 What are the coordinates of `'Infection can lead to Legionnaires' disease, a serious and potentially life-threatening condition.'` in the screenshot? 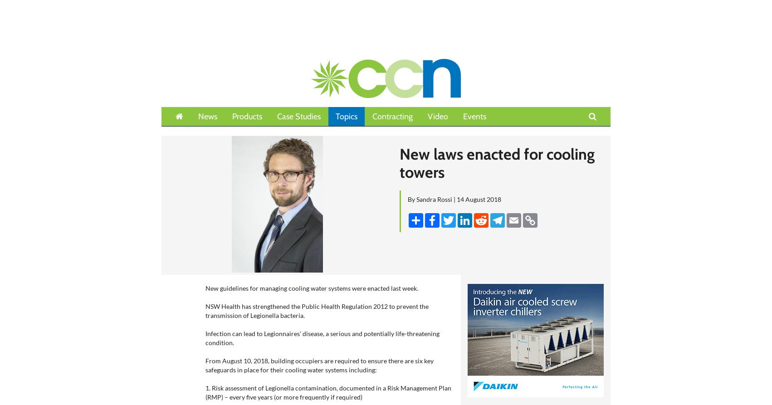 It's located at (322, 337).